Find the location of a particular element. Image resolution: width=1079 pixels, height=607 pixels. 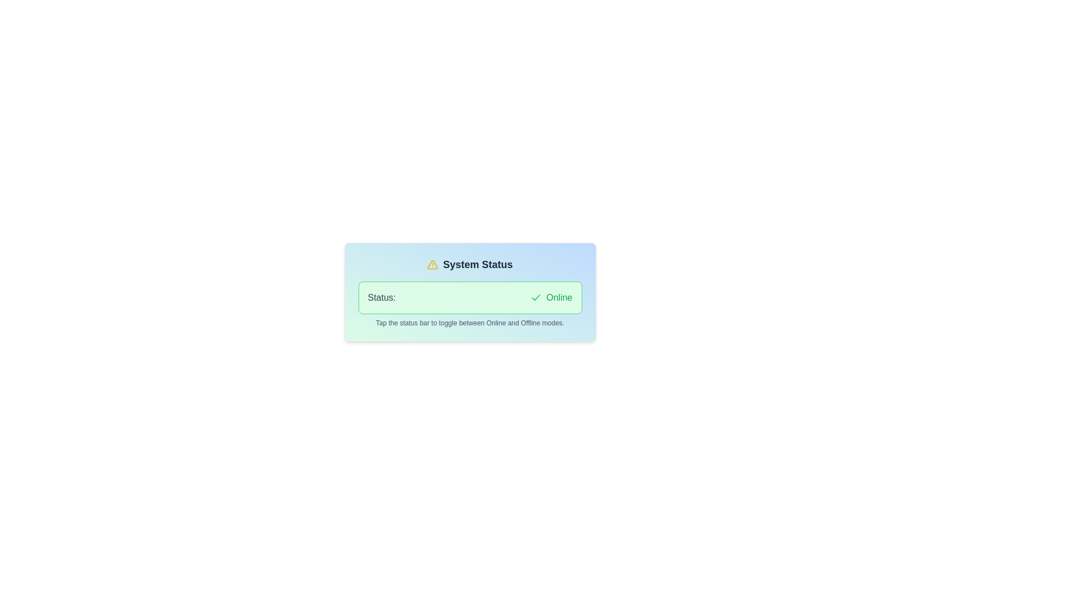

the green-colored text label that reads 'Online', positioned to the right of a green checkmark icon within the system status indicator panel is located at coordinates (559, 297).